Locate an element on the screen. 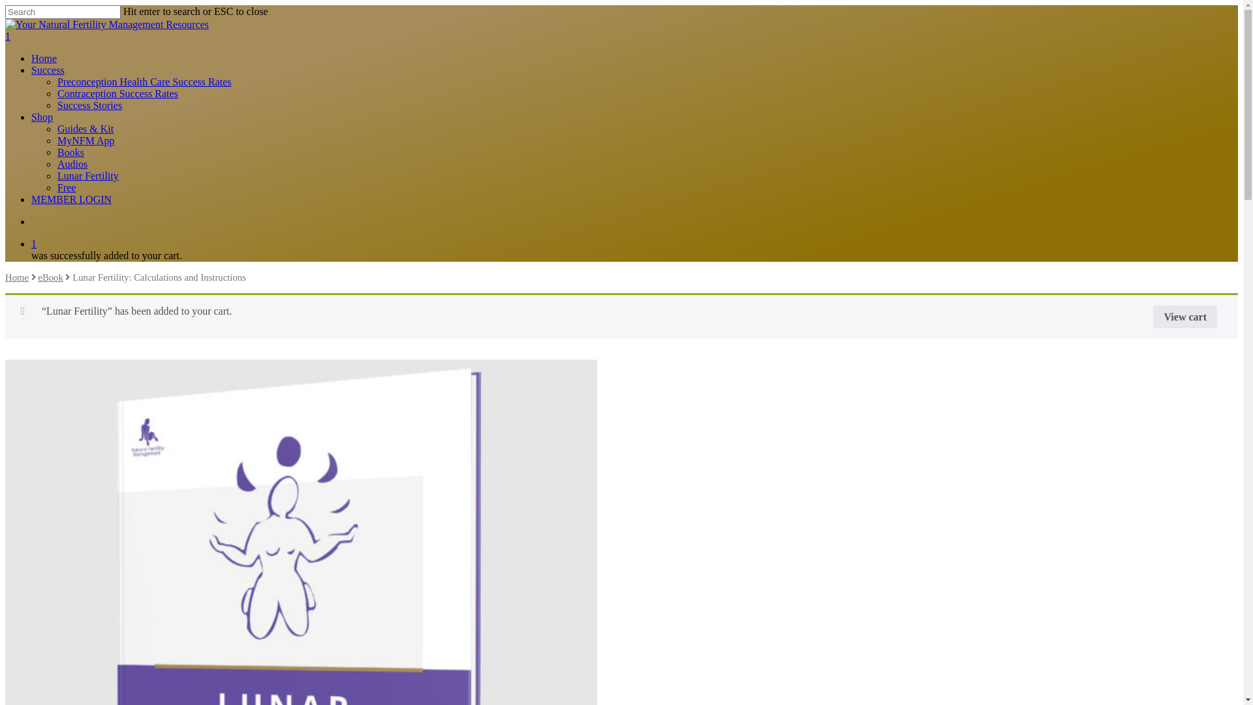 The image size is (1253, 705). 'Free' is located at coordinates (65, 187).